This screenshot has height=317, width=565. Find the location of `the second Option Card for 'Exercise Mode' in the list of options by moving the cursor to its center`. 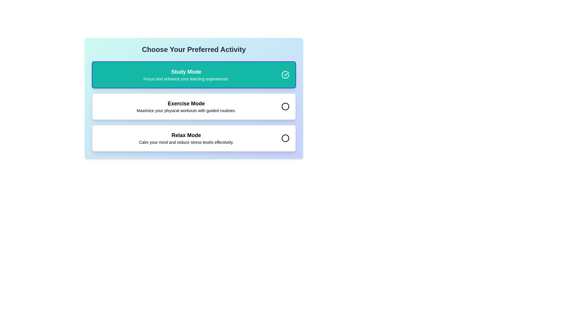

the second Option Card for 'Exercise Mode' in the list of options by moving the cursor to its center is located at coordinates (194, 106).